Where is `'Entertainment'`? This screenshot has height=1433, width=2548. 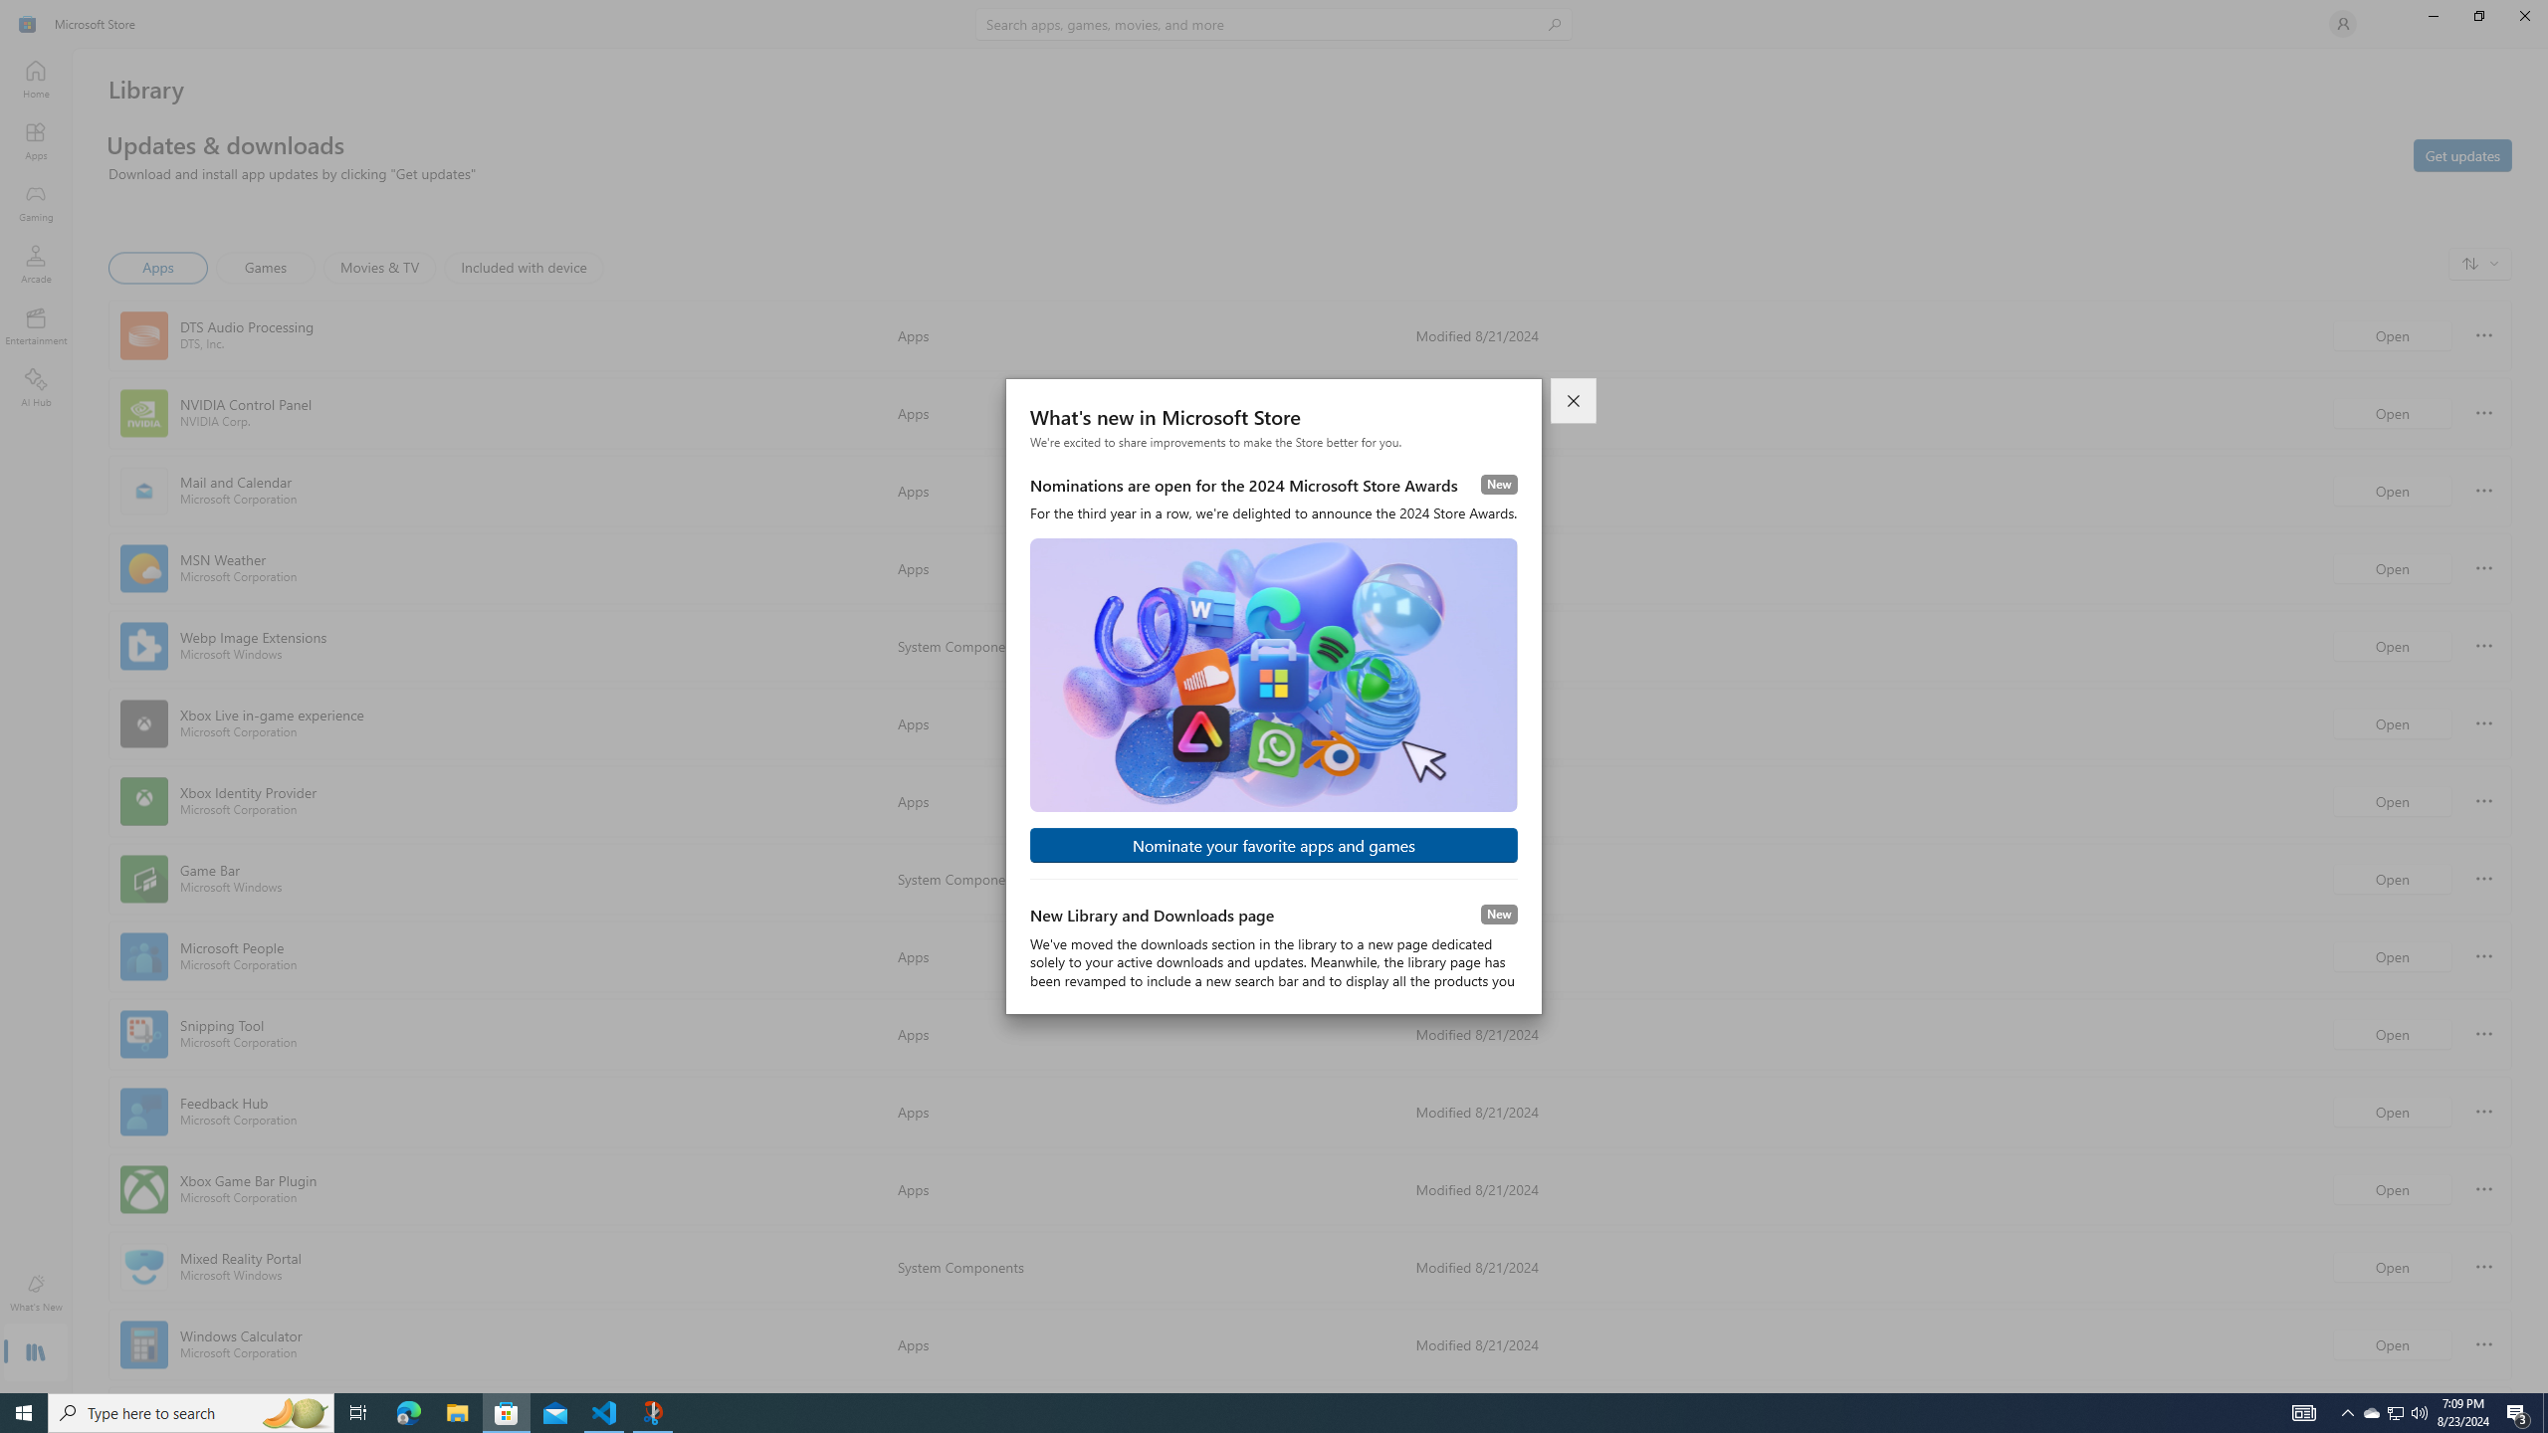 'Entertainment' is located at coordinates (34, 324).